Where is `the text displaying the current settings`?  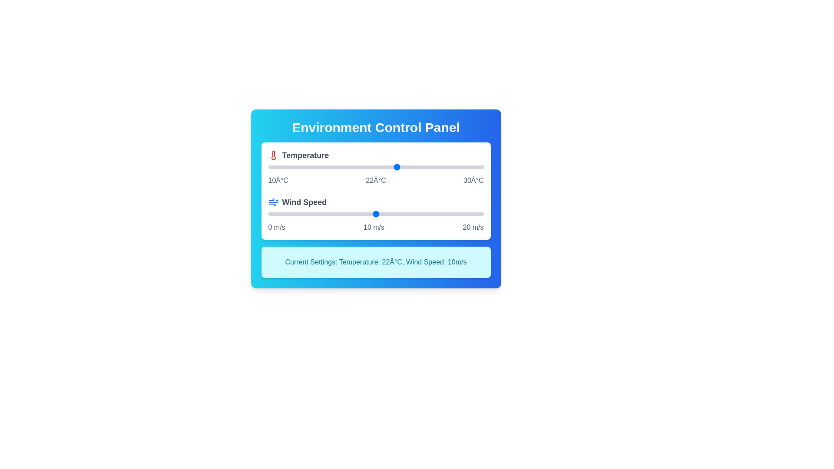
the text displaying the current settings is located at coordinates (376, 262).